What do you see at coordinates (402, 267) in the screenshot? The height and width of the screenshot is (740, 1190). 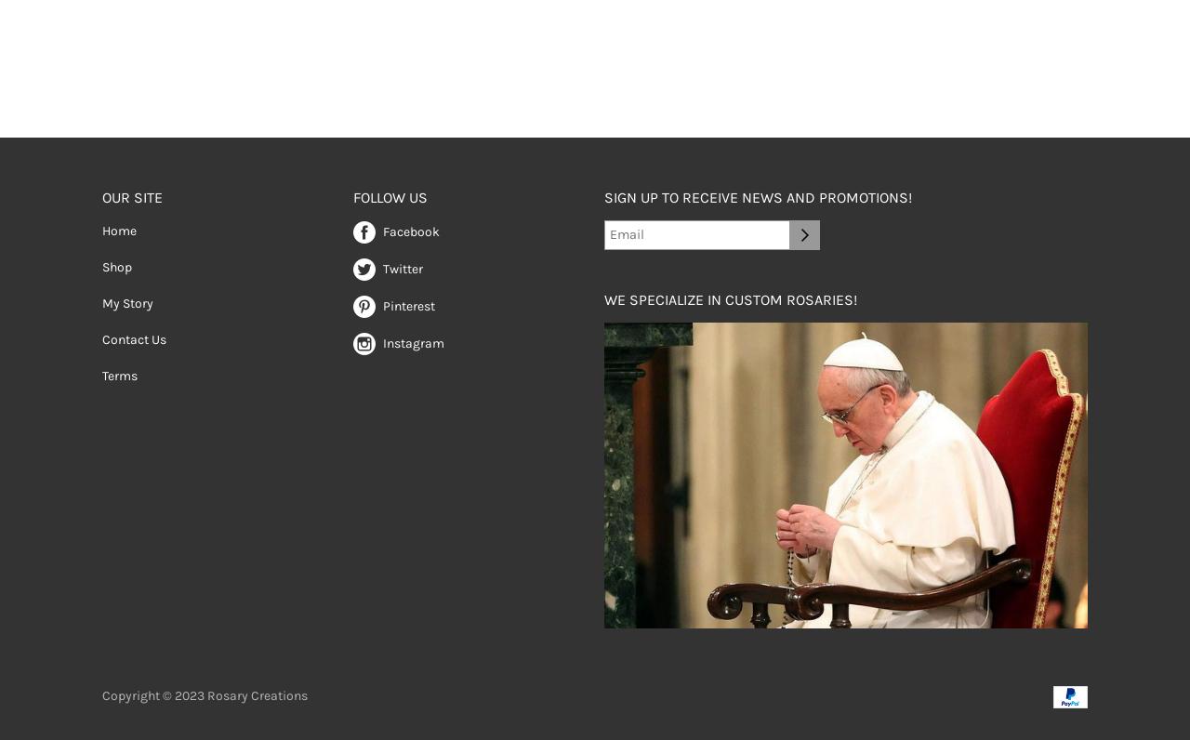 I see `'Twitter'` at bounding box center [402, 267].